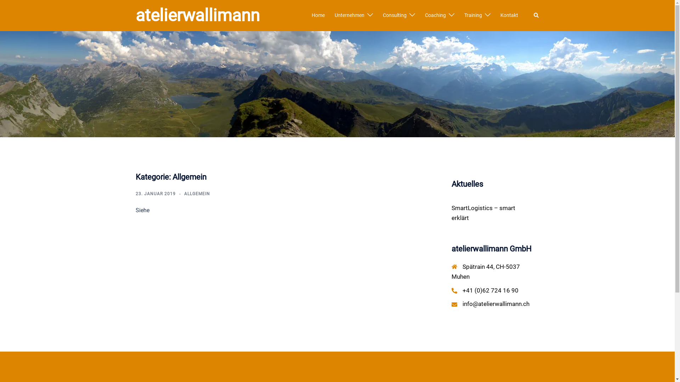 The width and height of the screenshot is (680, 382). What do you see at coordinates (472, 15) in the screenshot?
I see `'Training'` at bounding box center [472, 15].